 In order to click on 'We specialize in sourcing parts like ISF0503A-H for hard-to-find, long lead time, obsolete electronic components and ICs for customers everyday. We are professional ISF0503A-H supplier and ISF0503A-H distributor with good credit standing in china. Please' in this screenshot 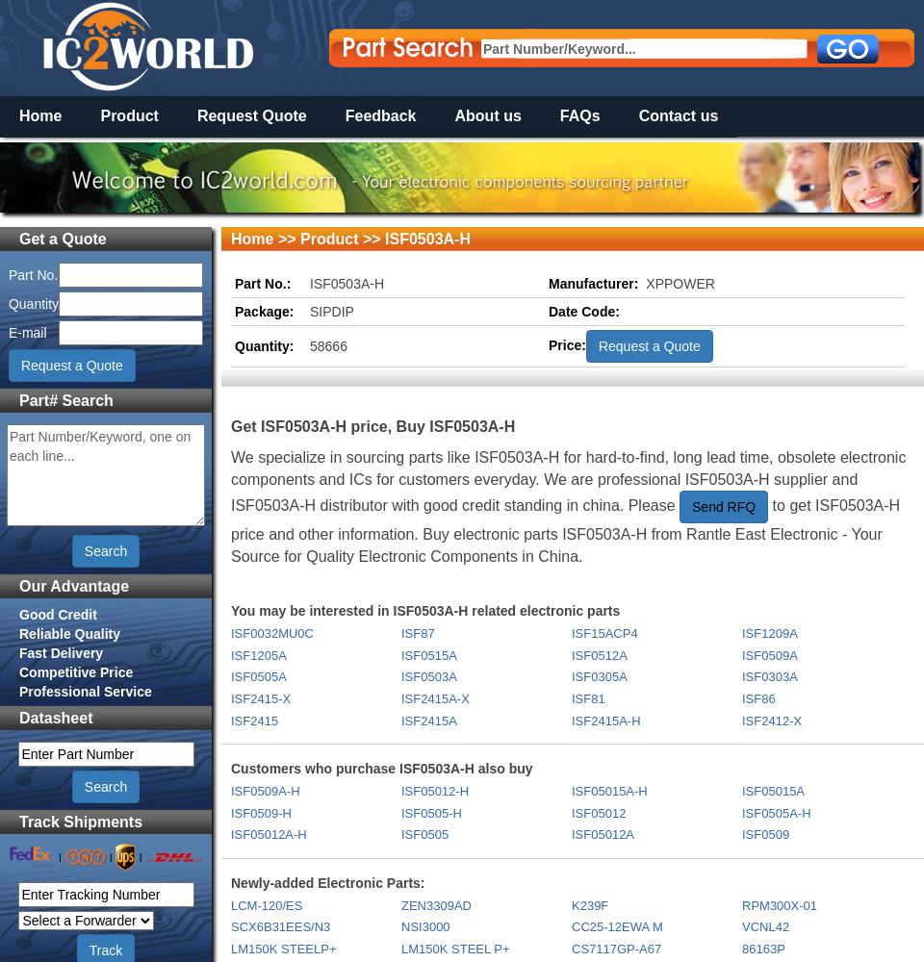, I will do `click(568, 481)`.